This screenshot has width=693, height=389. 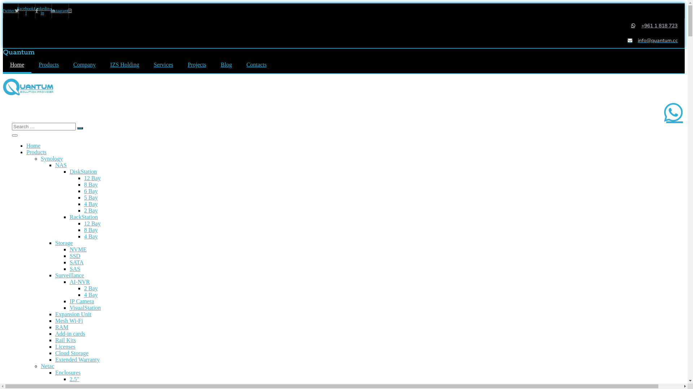 What do you see at coordinates (69, 249) in the screenshot?
I see `'NVME'` at bounding box center [69, 249].